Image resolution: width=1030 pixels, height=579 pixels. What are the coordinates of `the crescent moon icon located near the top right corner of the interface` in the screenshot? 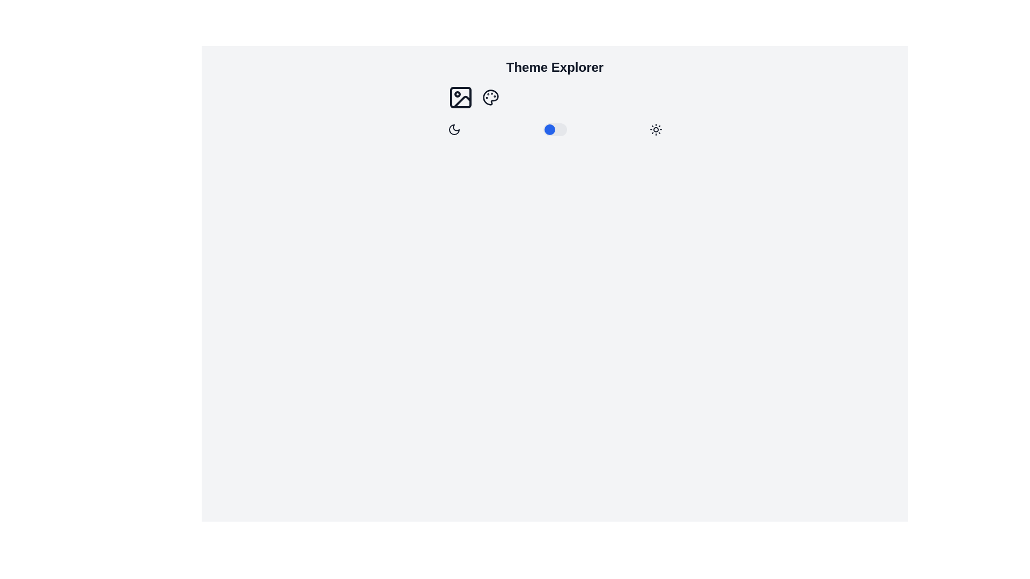 It's located at (454, 129).